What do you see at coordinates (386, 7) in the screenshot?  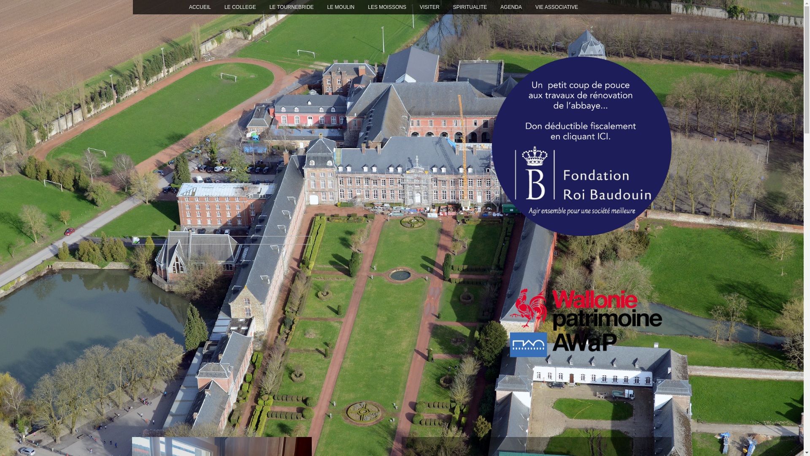 I see `'LES MOISSONS'` at bounding box center [386, 7].